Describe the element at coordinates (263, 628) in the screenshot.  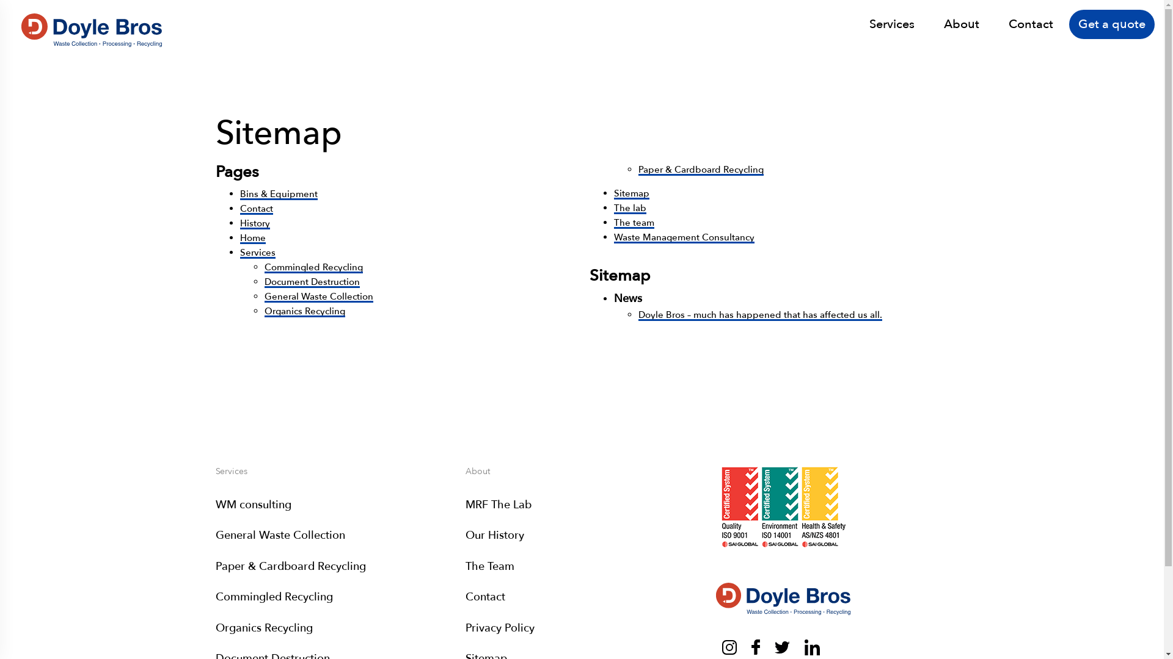
I see `'Organics Recycling'` at that location.